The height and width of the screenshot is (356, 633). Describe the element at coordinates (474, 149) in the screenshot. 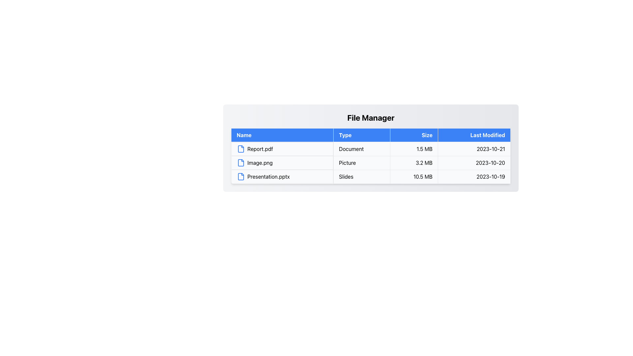

I see `text content displayed in the fourth column under the 'Last Modified' header for the file 'Report.pdf'` at that location.